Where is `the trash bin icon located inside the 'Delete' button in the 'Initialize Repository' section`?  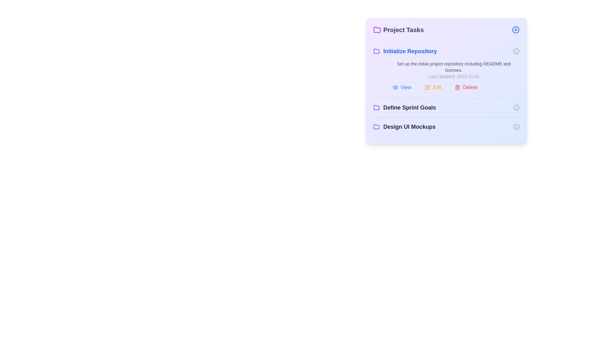
the trash bin icon located inside the 'Delete' button in the 'Initialize Repository' section is located at coordinates (458, 87).